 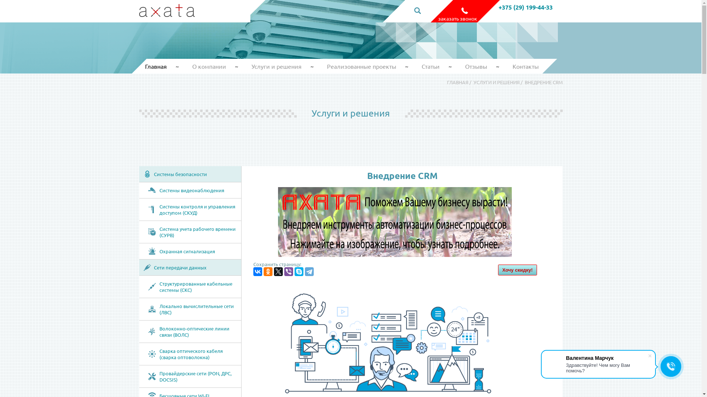 I want to click on 'Twitter', so click(x=278, y=272).